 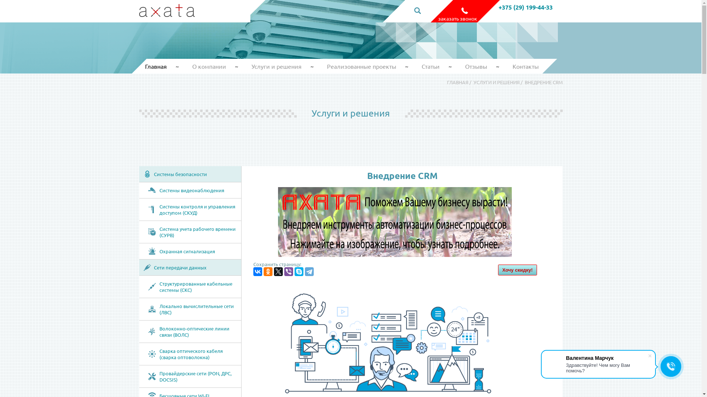 I want to click on 'Twitter', so click(x=278, y=272).